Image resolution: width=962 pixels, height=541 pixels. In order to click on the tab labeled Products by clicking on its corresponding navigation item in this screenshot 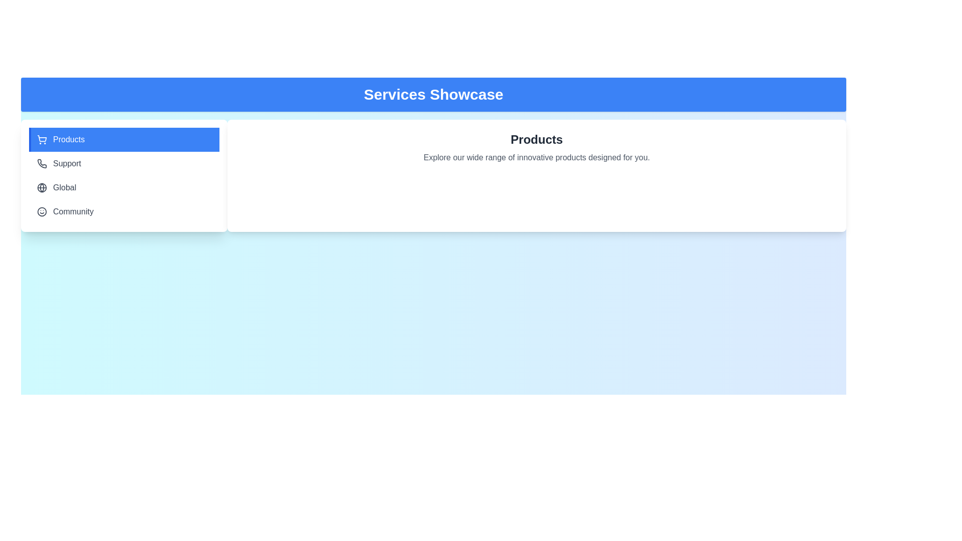, I will do `click(123, 139)`.